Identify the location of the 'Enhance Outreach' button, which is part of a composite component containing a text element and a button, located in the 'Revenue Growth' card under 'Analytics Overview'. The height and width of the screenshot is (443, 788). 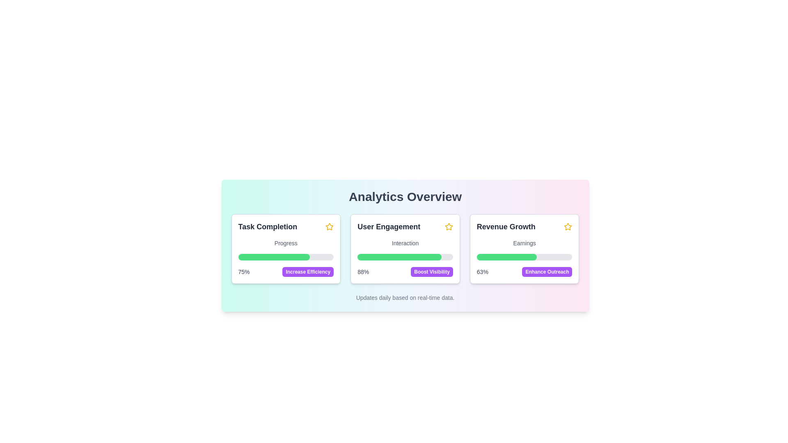
(524, 272).